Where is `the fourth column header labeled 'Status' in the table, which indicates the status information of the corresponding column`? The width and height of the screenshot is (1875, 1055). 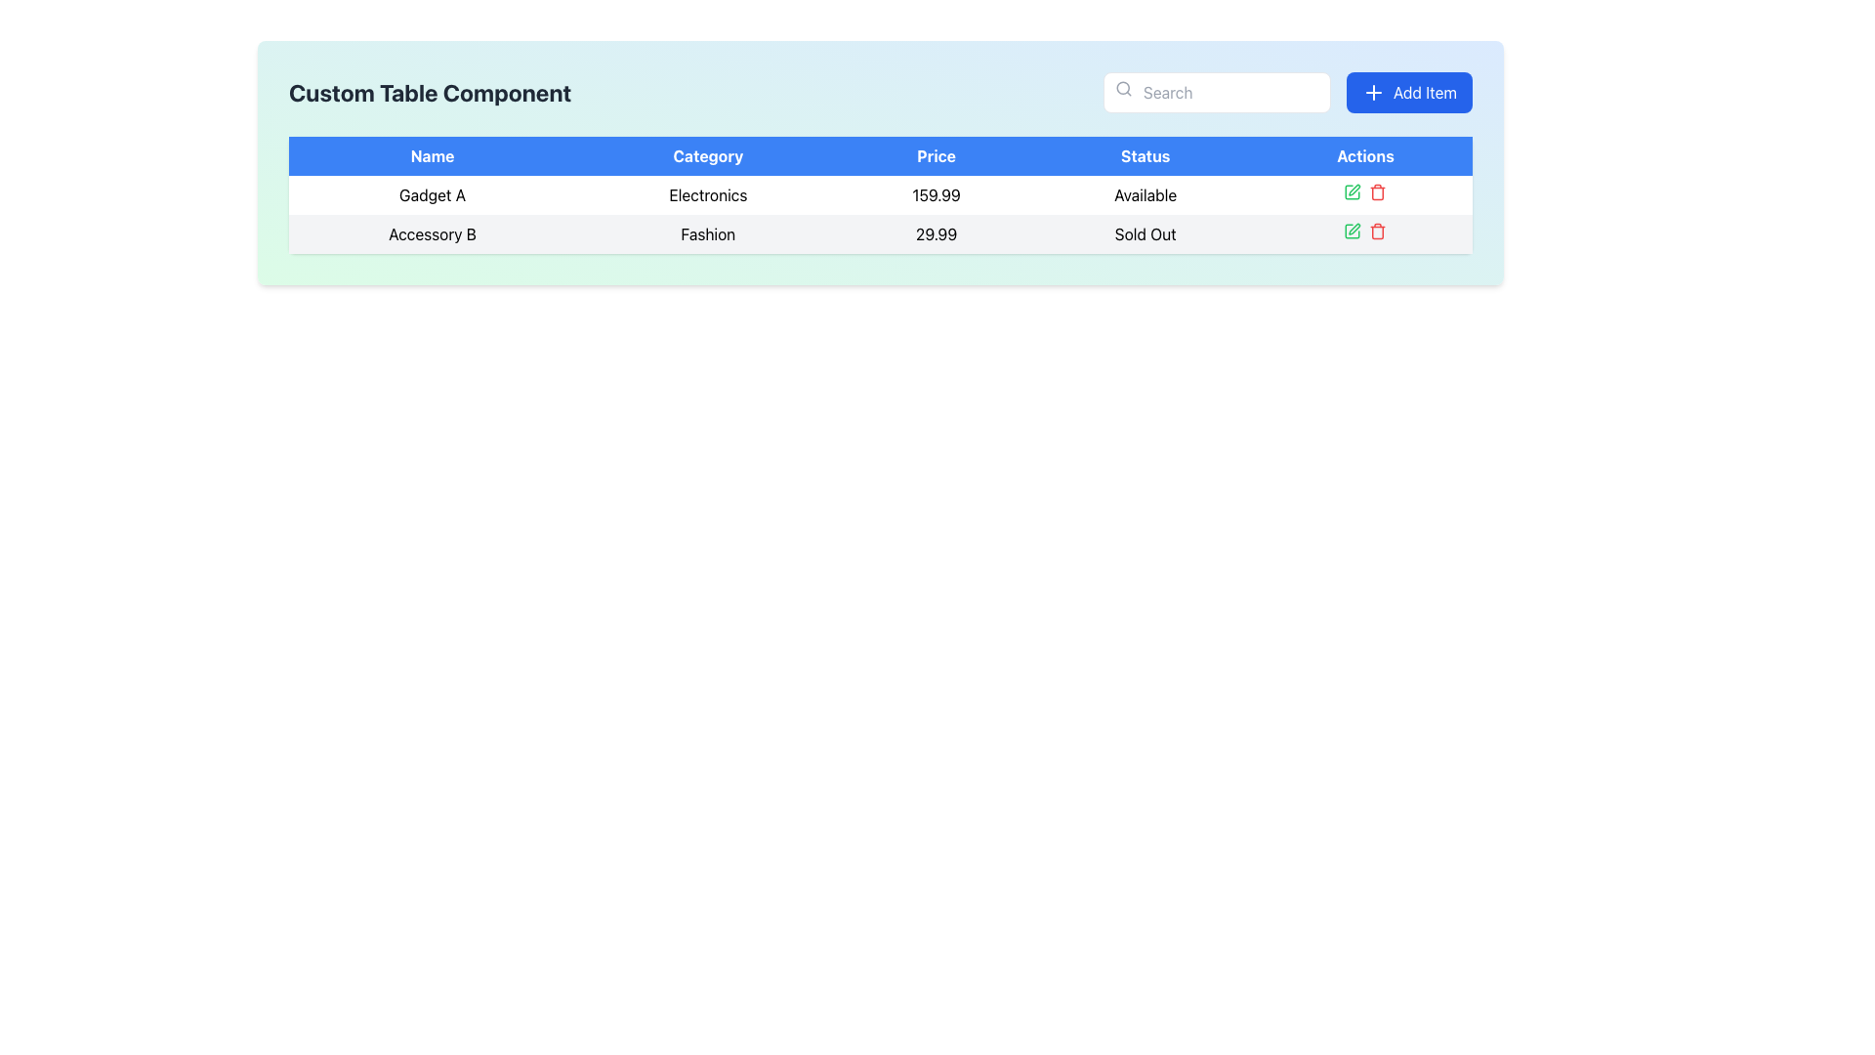
the fourth column header labeled 'Status' in the table, which indicates the status information of the corresponding column is located at coordinates (1146, 154).